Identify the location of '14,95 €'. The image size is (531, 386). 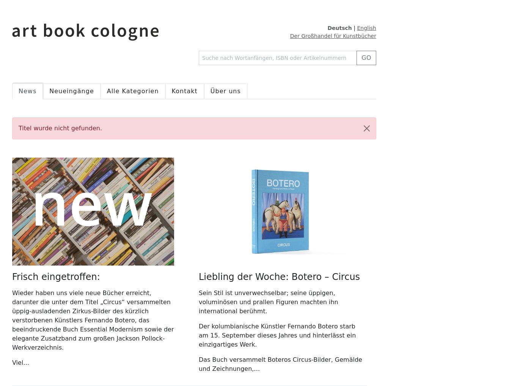
(325, 244).